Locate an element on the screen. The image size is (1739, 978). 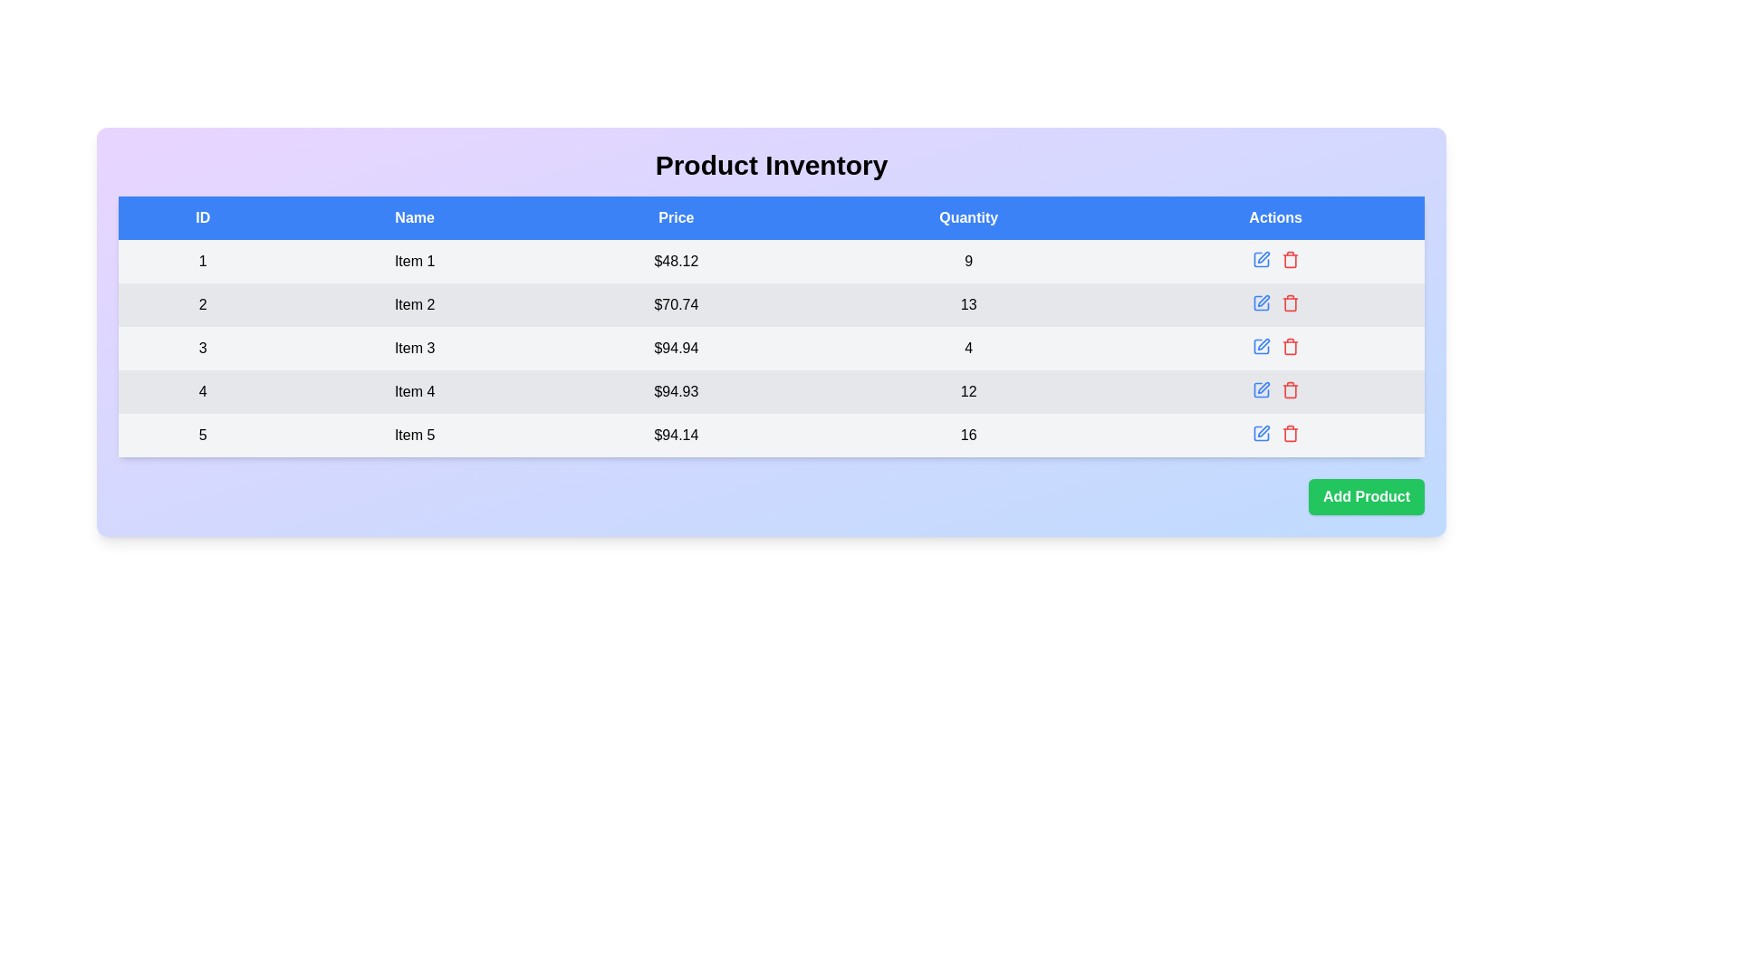
the edit icon located in the 'Actions' column of the 4th row in the table is located at coordinates (1260, 389).